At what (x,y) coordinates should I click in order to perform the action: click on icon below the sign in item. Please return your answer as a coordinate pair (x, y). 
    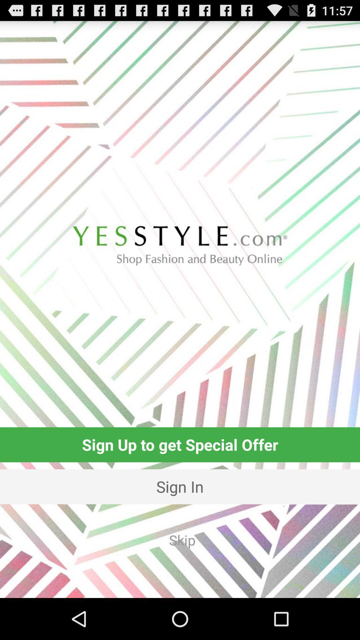
    Looking at the image, I should click on (182, 540).